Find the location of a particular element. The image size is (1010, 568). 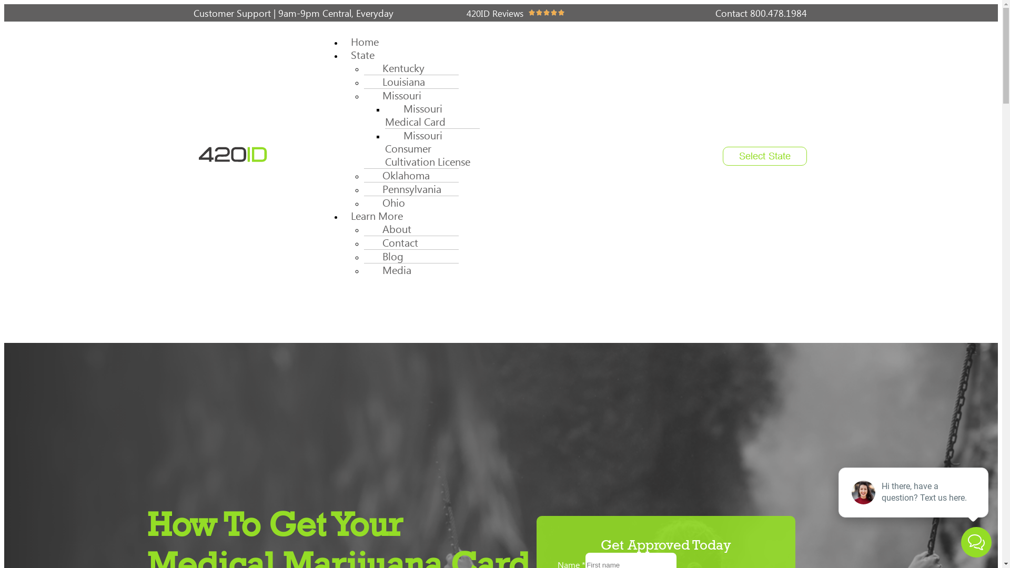

'Home' is located at coordinates (343, 41).